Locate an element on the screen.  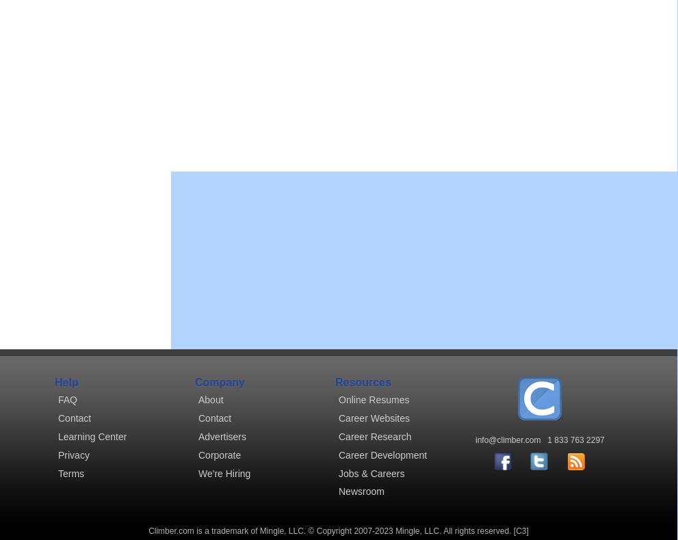
'Corporate' is located at coordinates (219, 454).